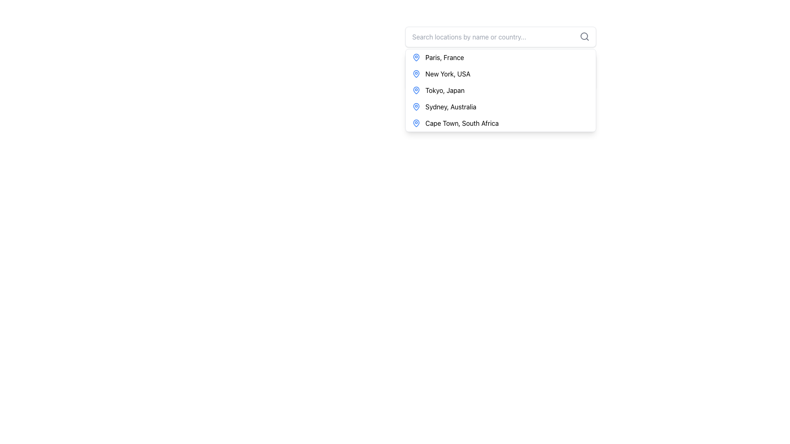 The width and height of the screenshot is (790, 444). Describe the element at coordinates (500, 123) in the screenshot. I see `the fifth item in the dropdown menu` at that location.